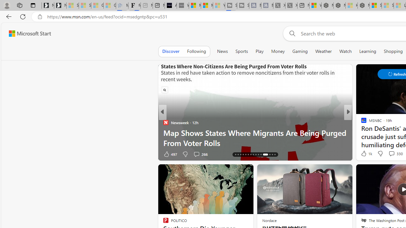 This screenshot has width=406, height=228. What do you see at coordinates (278, 51) in the screenshot?
I see `'Money'` at bounding box center [278, 51].